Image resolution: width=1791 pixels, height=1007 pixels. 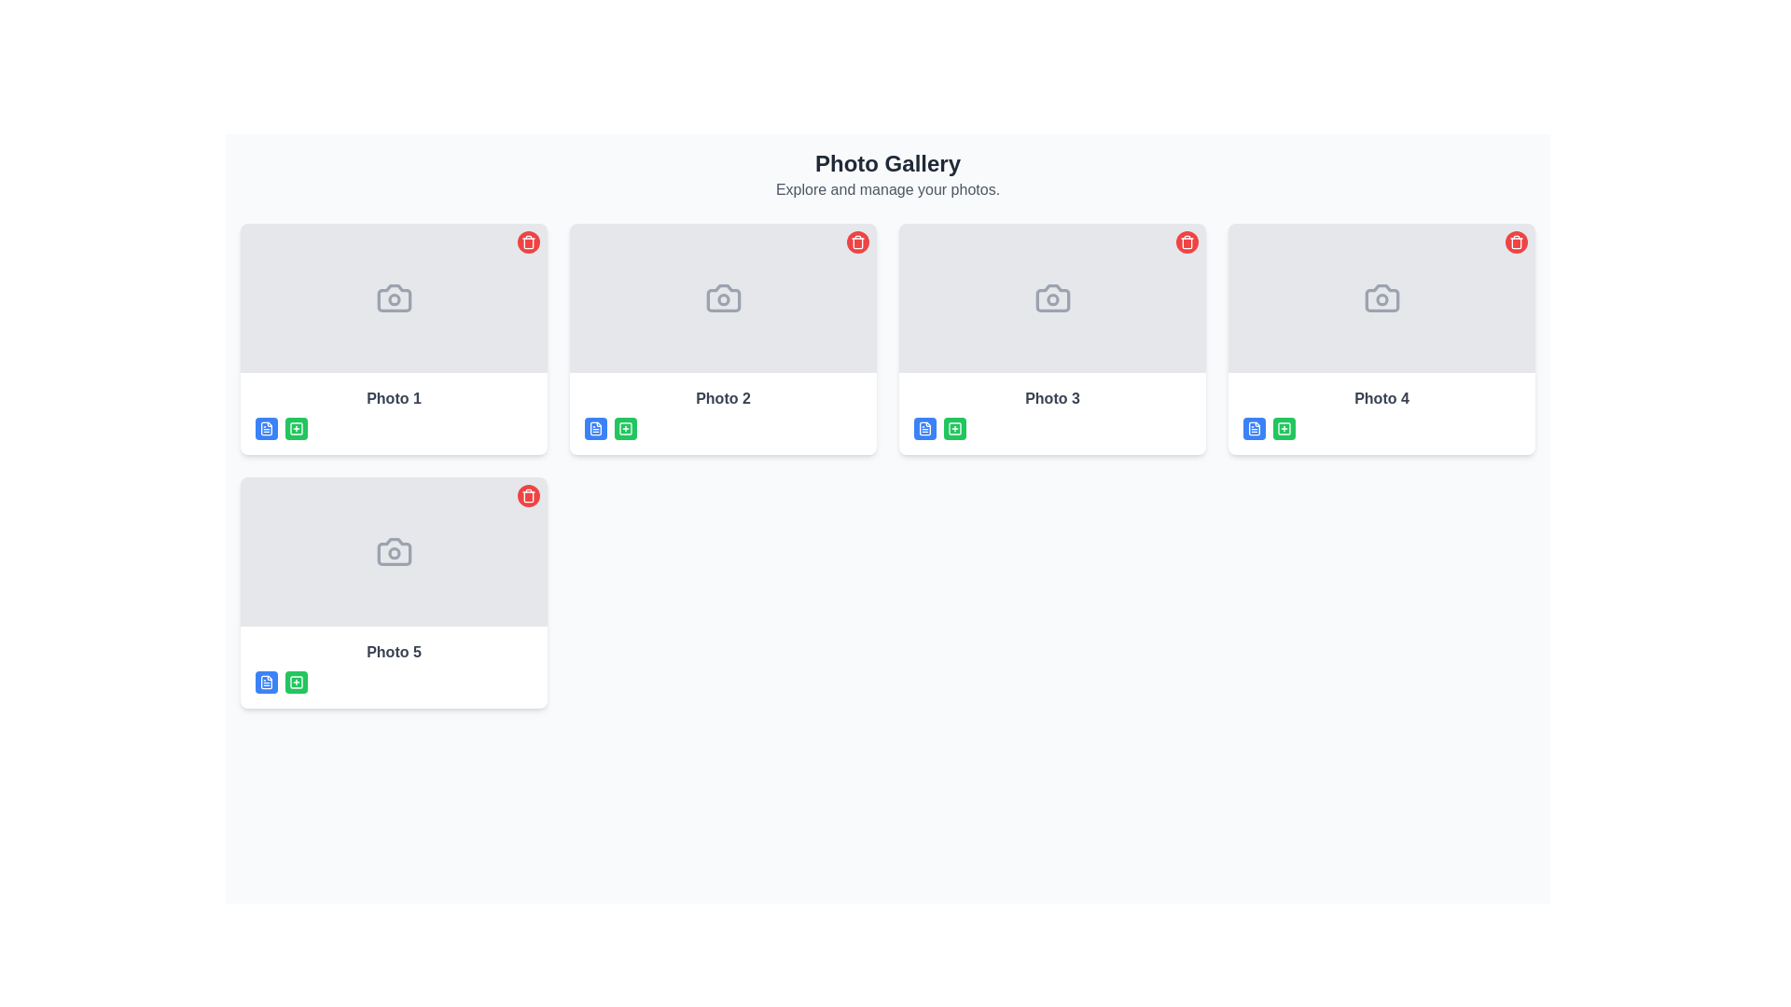 What do you see at coordinates (295, 683) in the screenshot?
I see `the Add icon button located below the 'Photo 5' label, which is the second button from the left in the green style` at bounding box center [295, 683].